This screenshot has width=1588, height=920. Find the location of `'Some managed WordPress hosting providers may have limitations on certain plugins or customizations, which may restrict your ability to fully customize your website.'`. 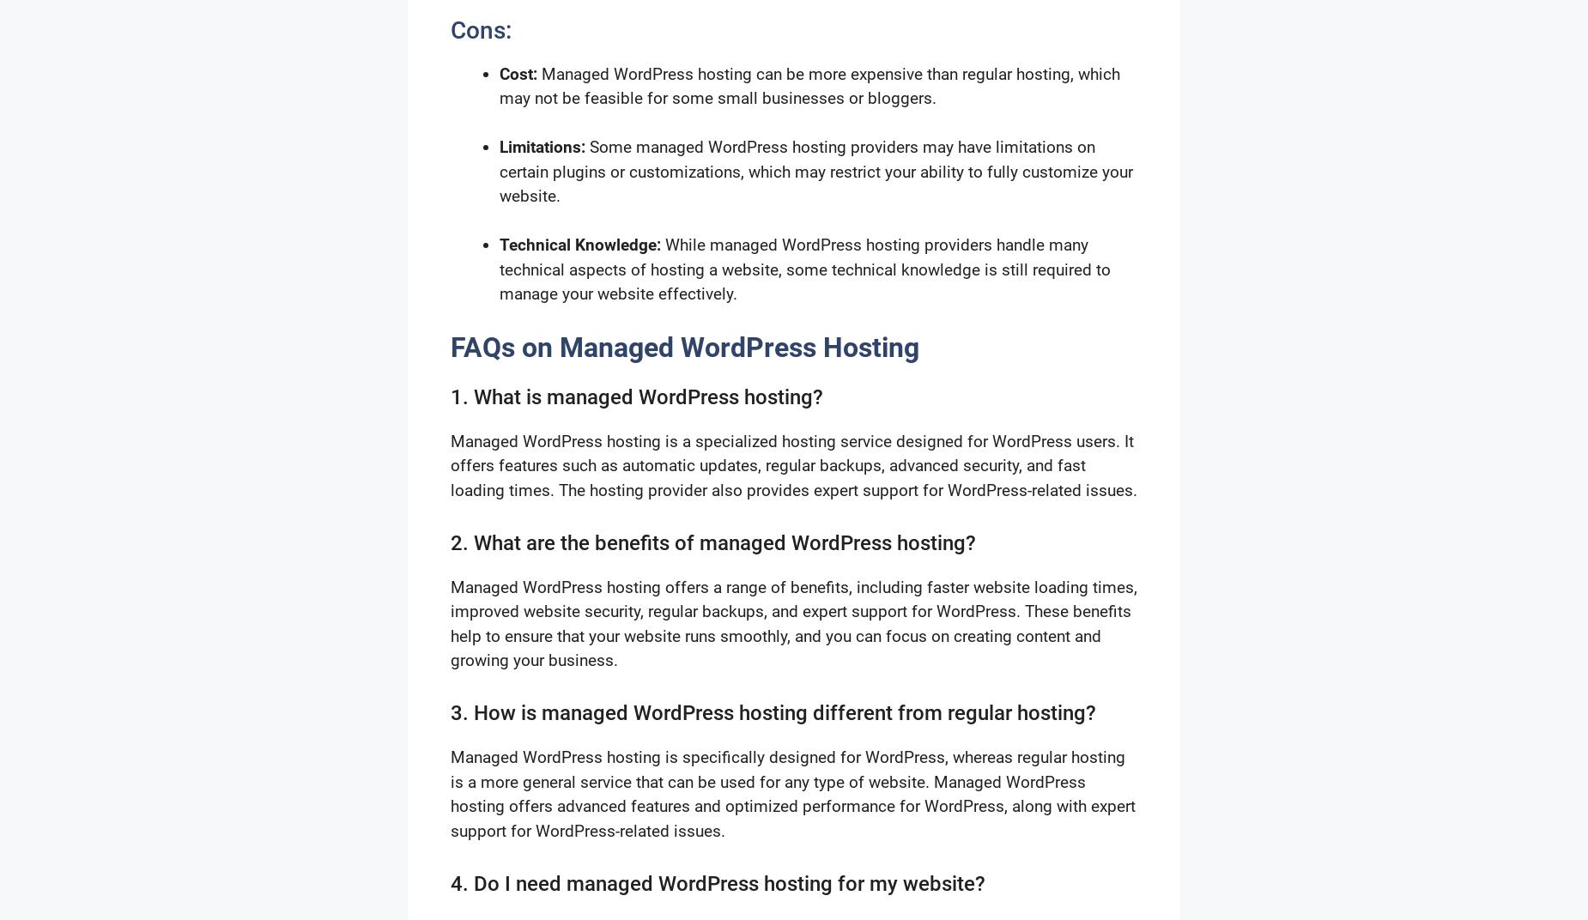

'Some managed WordPress hosting providers may have limitations on certain plugins or customizations, which may restrict your ability to fully customize your website.' is located at coordinates (815, 171).